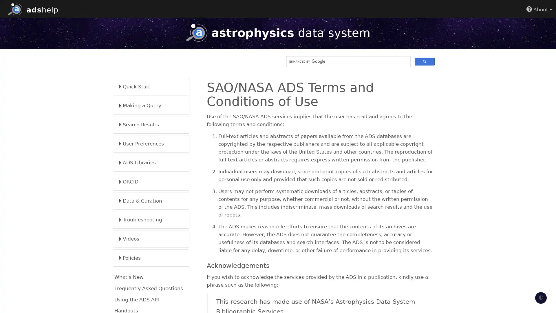 This screenshot has height=313, width=556. I want to click on Quick Start, so click(151, 86).